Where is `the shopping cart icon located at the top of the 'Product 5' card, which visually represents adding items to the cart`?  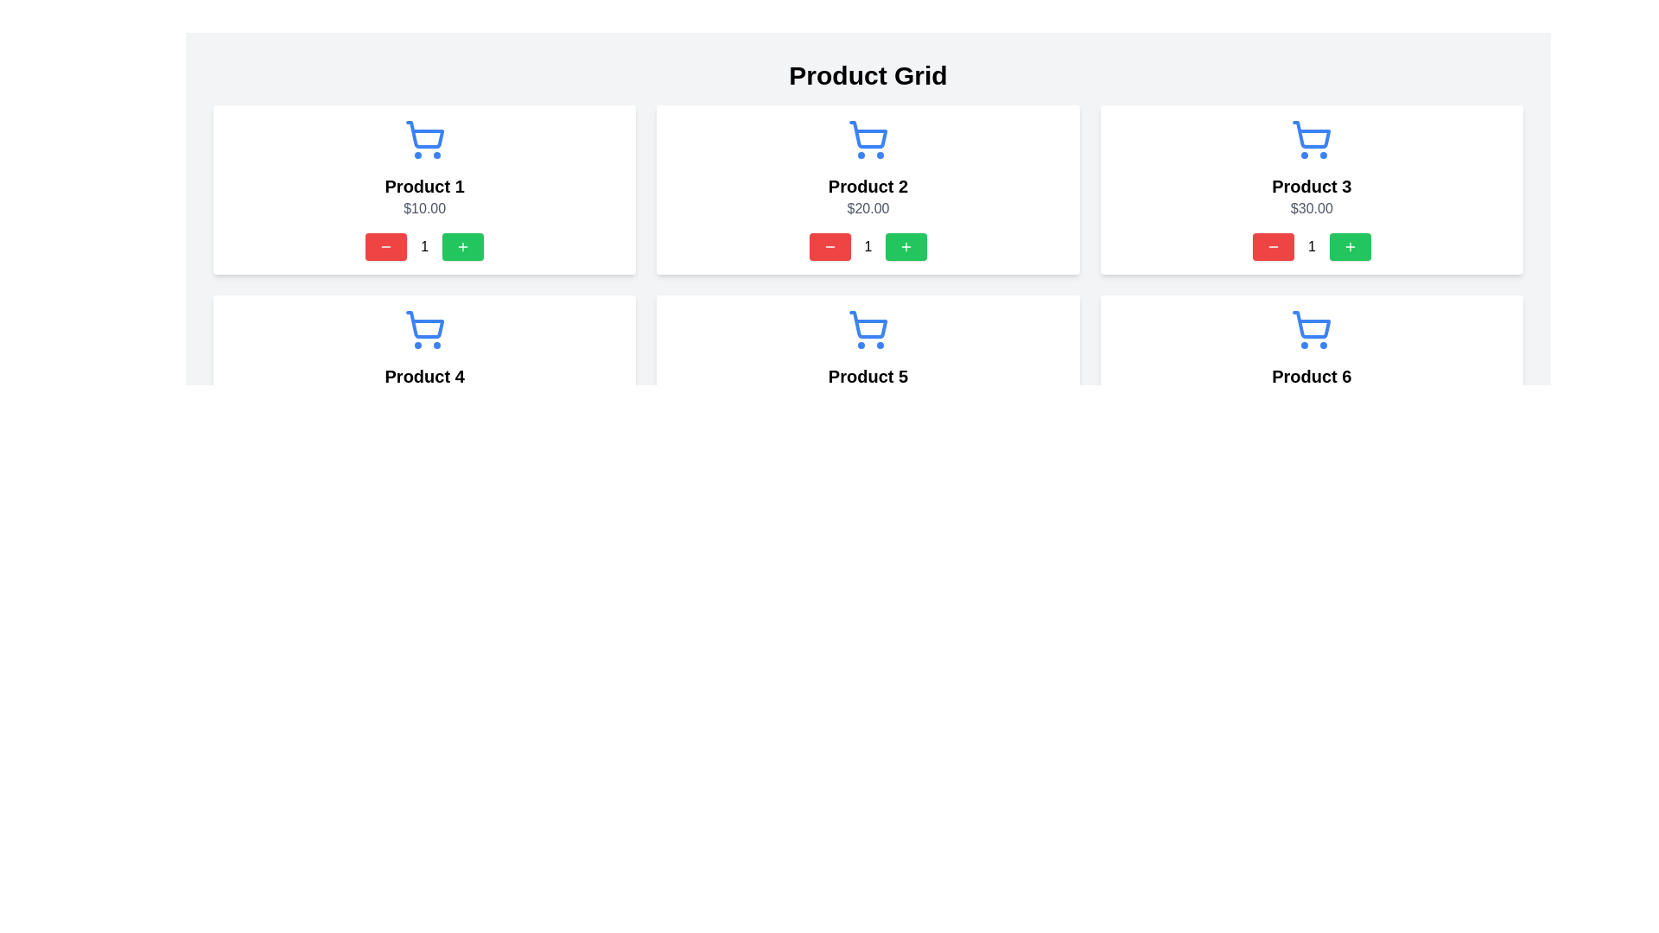 the shopping cart icon located at the top of the 'Product 5' card, which visually represents adding items to the cart is located at coordinates (868, 329).